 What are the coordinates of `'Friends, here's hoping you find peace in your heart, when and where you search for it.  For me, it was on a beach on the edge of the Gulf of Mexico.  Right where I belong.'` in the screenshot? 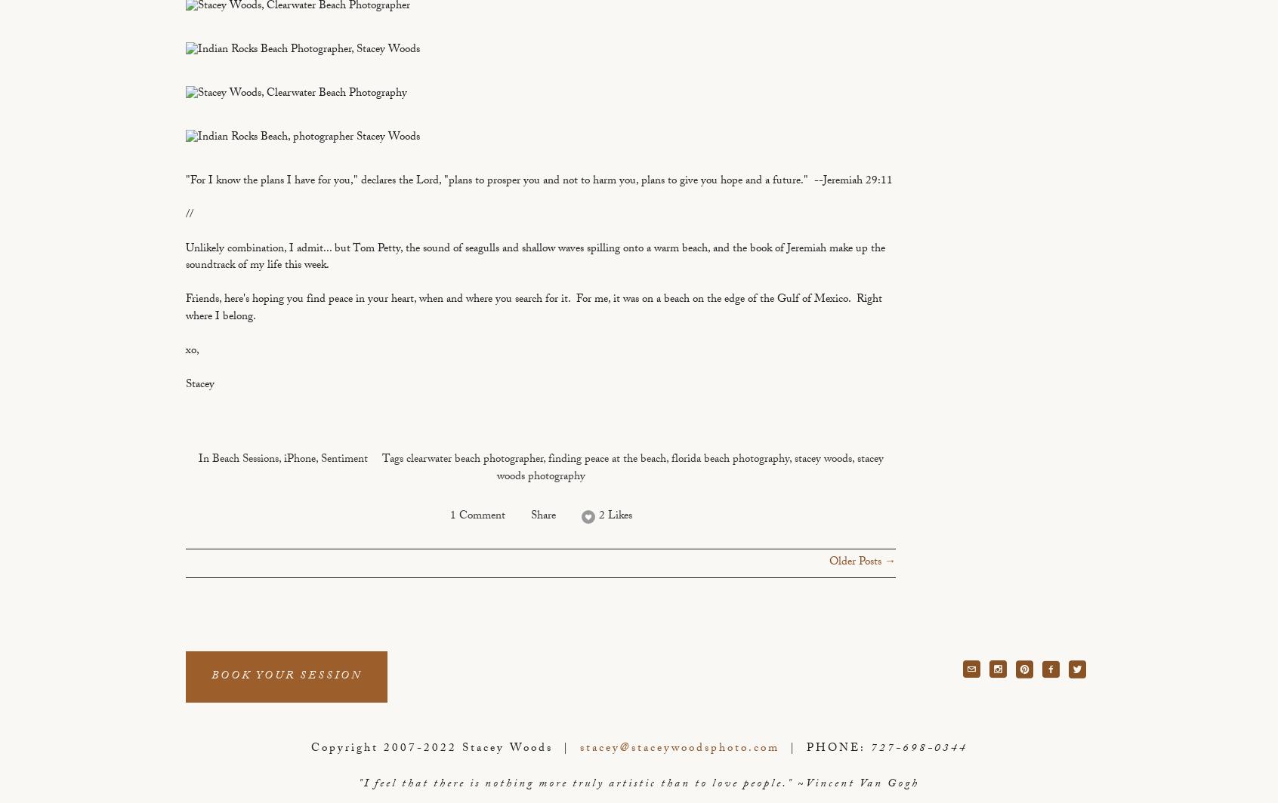 It's located at (532, 309).